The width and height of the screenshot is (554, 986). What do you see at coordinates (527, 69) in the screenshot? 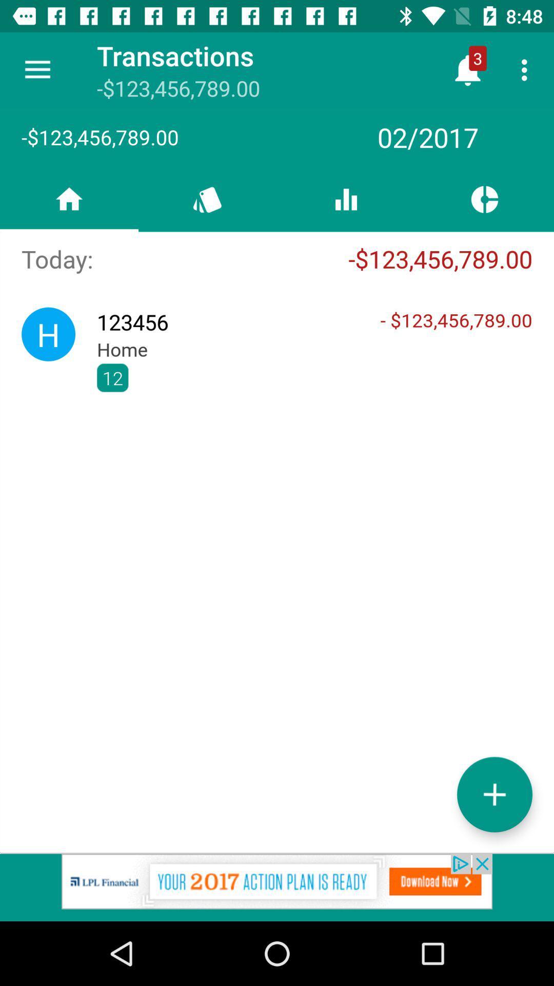
I see `icon above the   item` at bounding box center [527, 69].